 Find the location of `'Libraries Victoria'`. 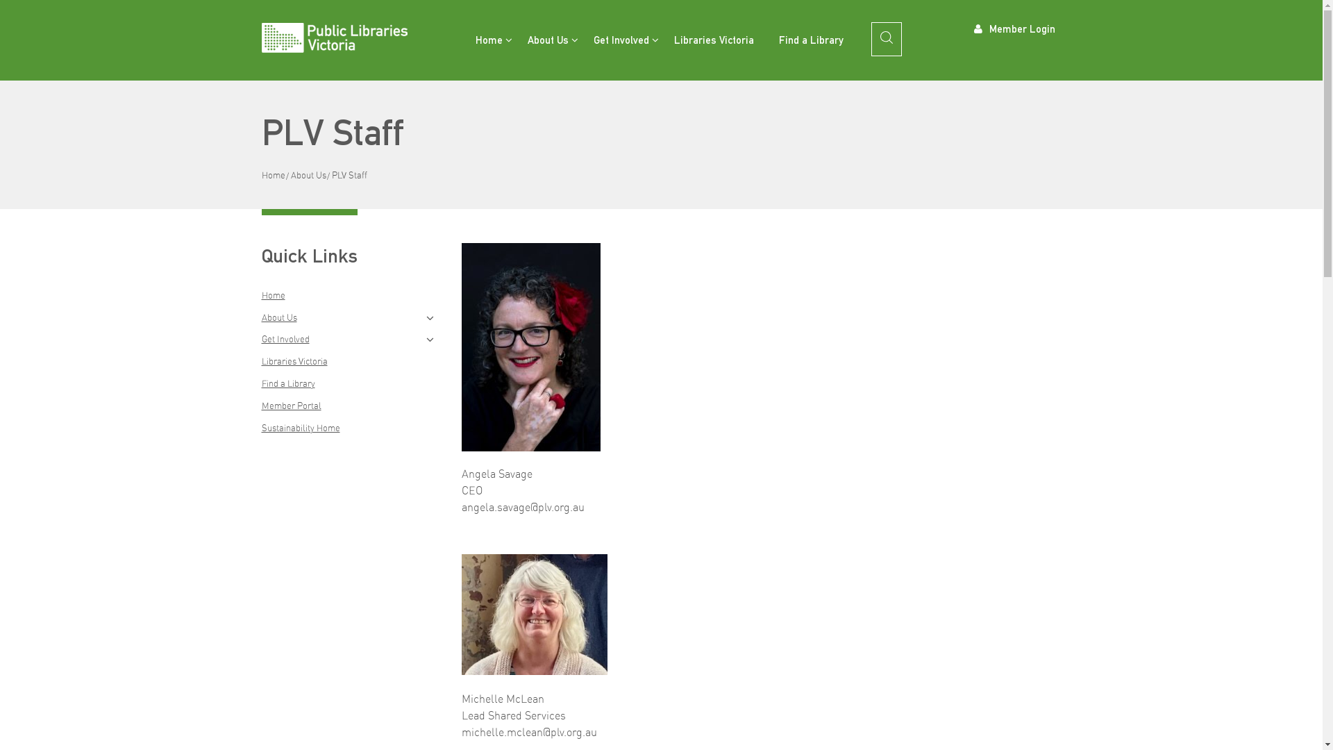

'Libraries Victoria' is located at coordinates (293, 360).